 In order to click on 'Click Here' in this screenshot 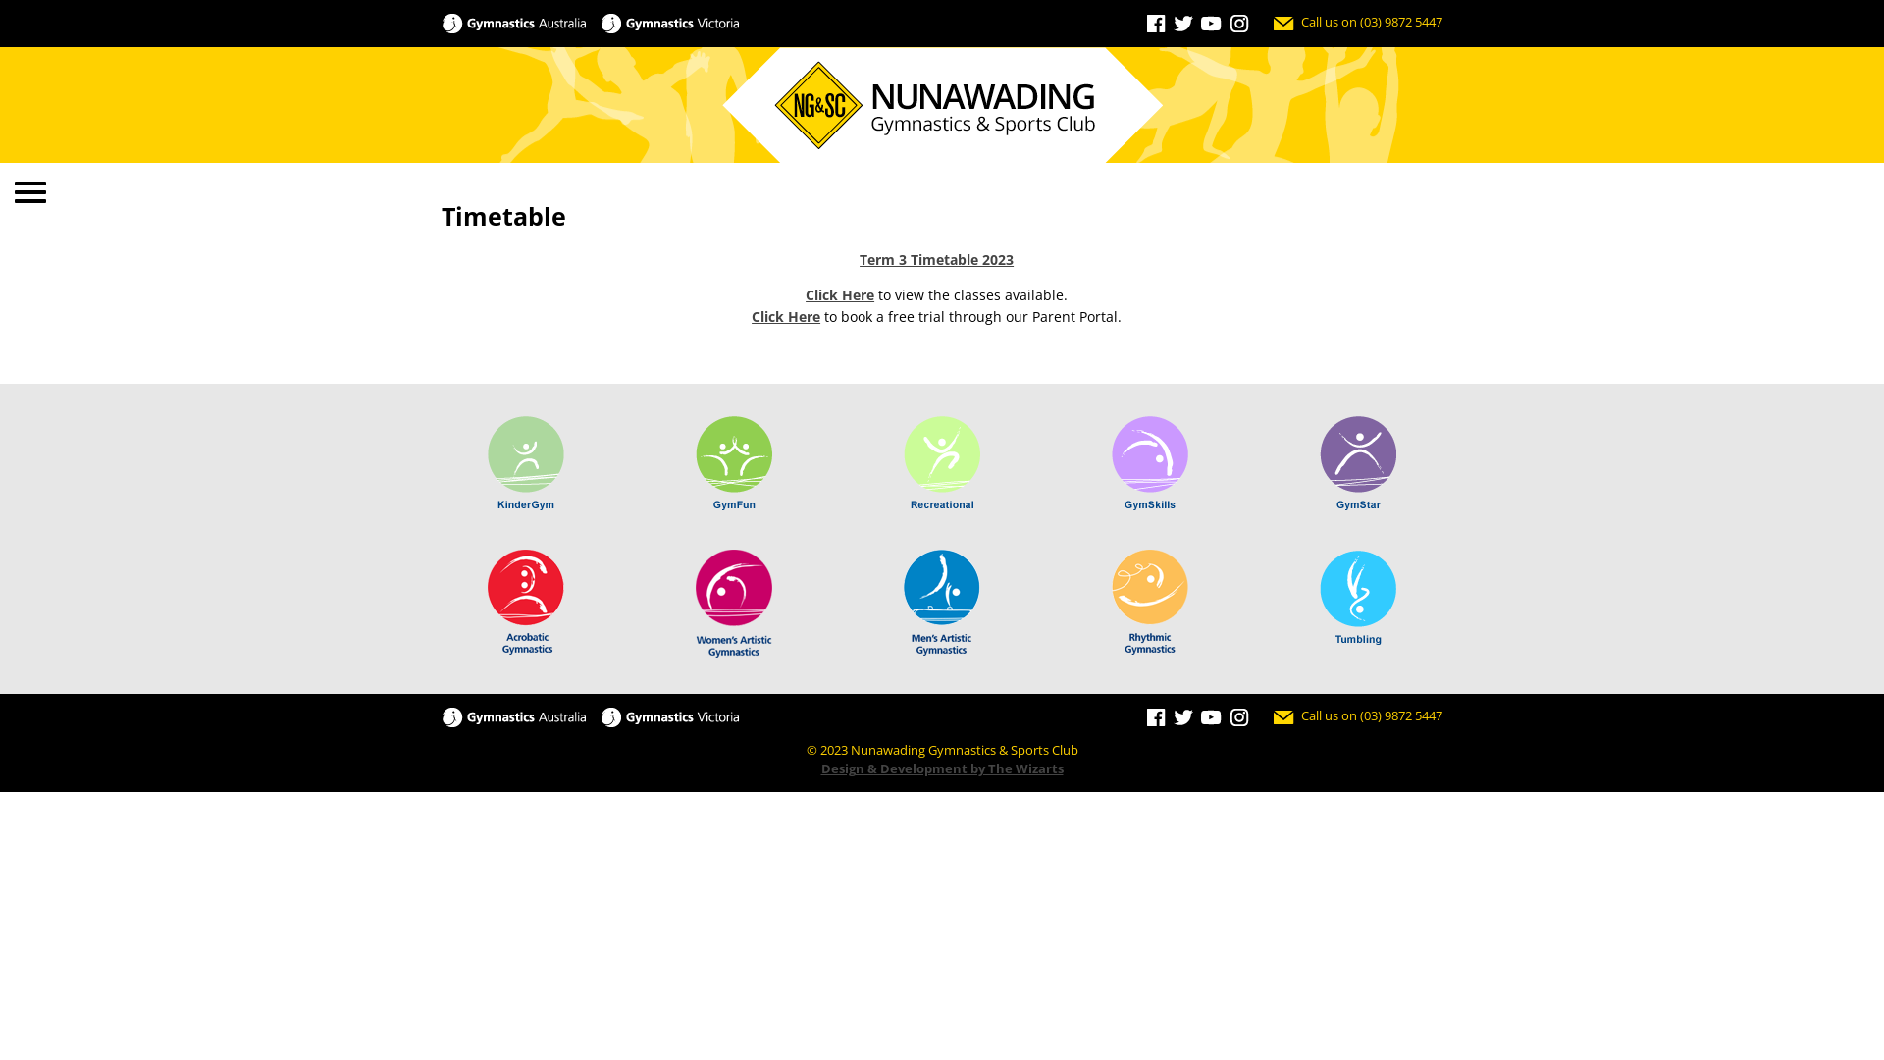, I will do `click(786, 315)`.